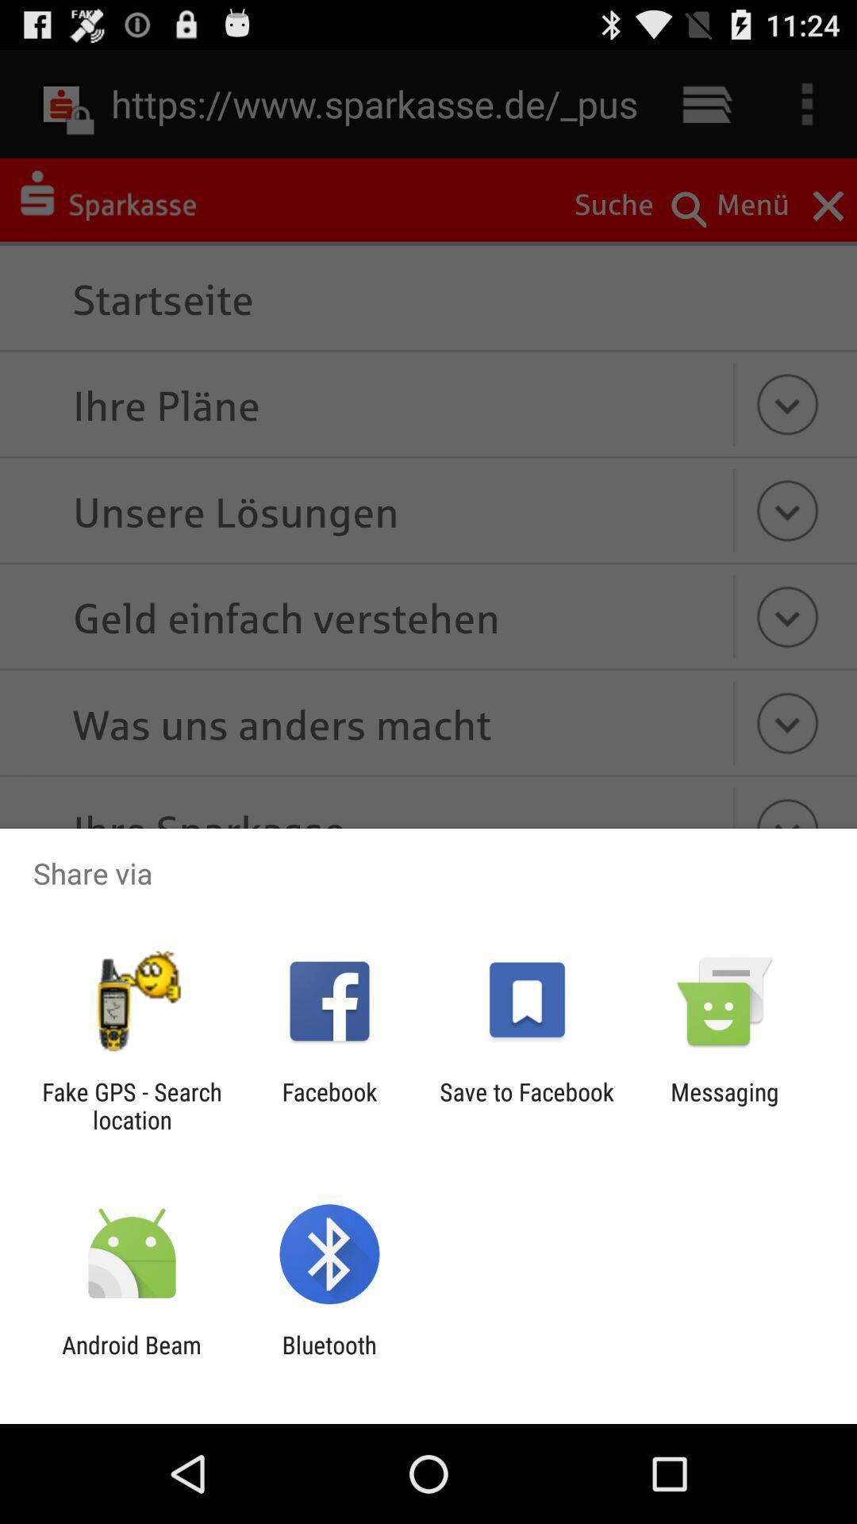 This screenshot has height=1524, width=857. Describe the element at coordinates (131, 1105) in the screenshot. I see `the icon next to the facebook app` at that location.